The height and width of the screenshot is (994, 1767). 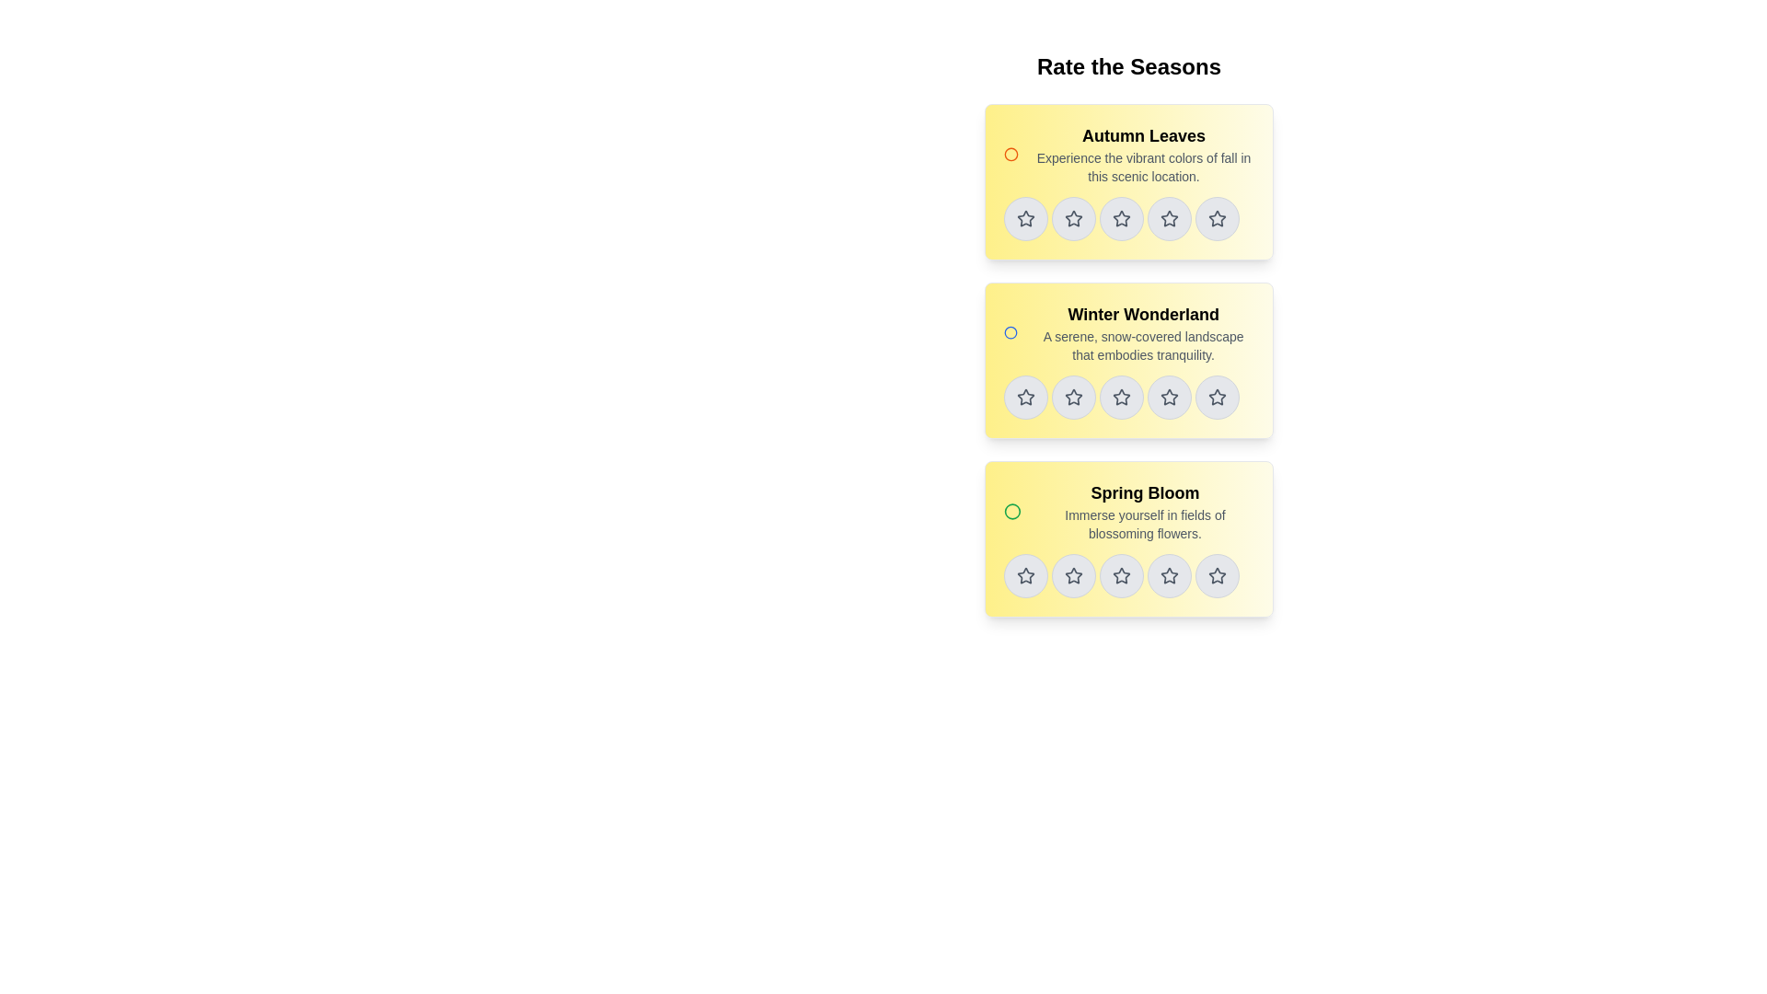 I want to click on the first rating button for the 'Winter Wonderland' category, so click(x=1024, y=397).